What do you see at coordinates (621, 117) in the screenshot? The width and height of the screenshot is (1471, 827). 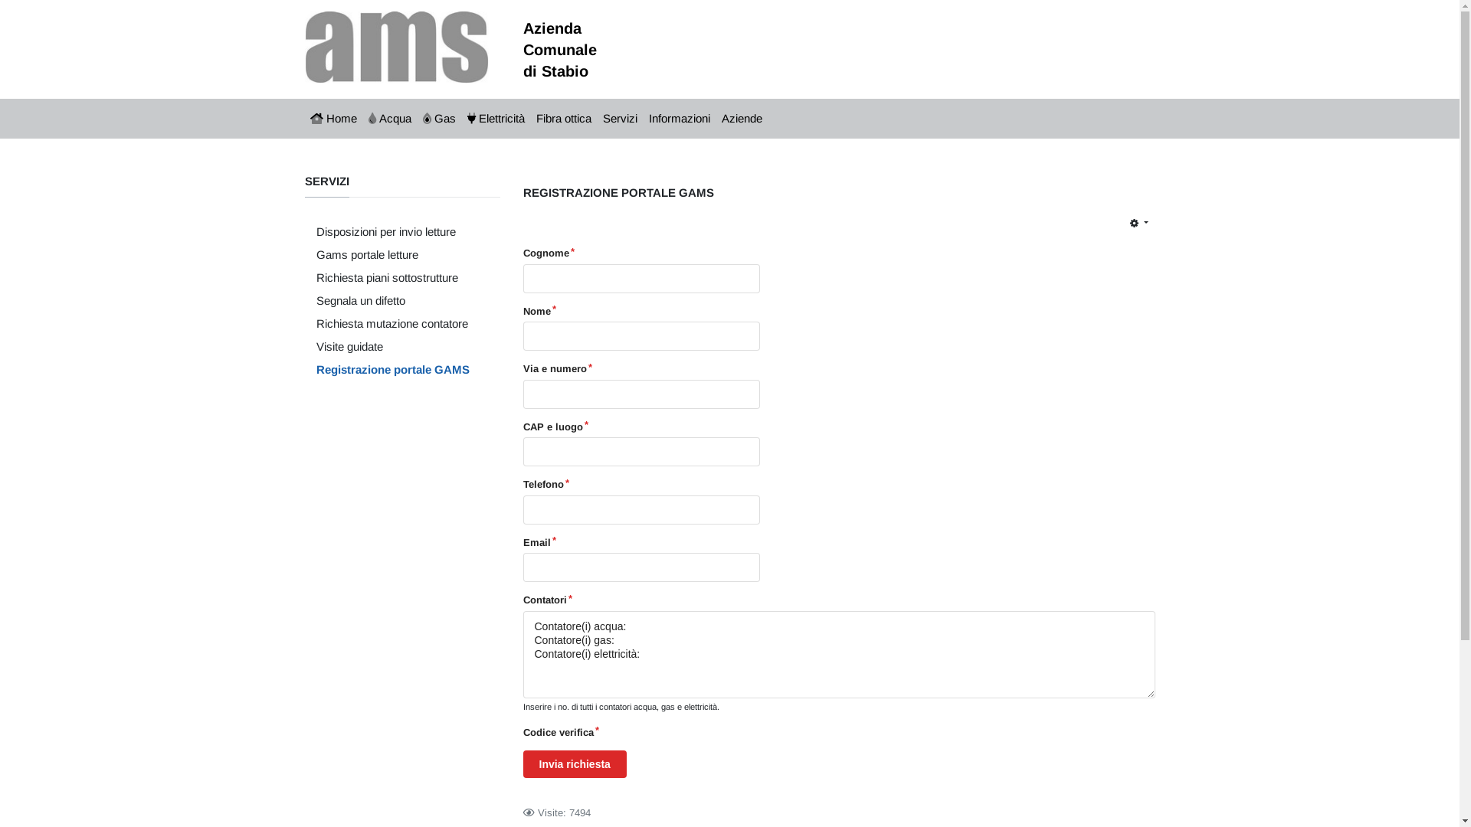 I see `'Servizi'` at bounding box center [621, 117].